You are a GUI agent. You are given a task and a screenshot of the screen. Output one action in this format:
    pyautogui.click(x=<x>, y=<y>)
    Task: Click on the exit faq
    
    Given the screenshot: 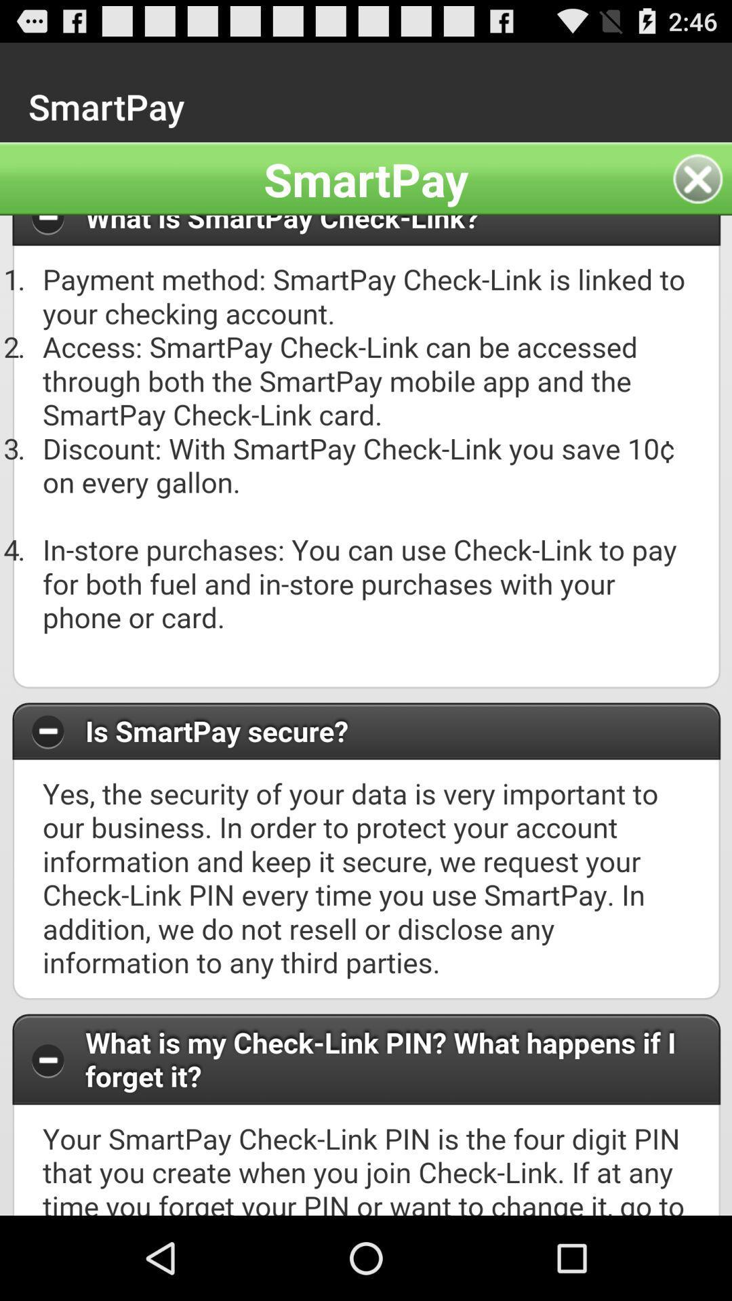 What is the action you would take?
    pyautogui.click(x=701, y=178)
    